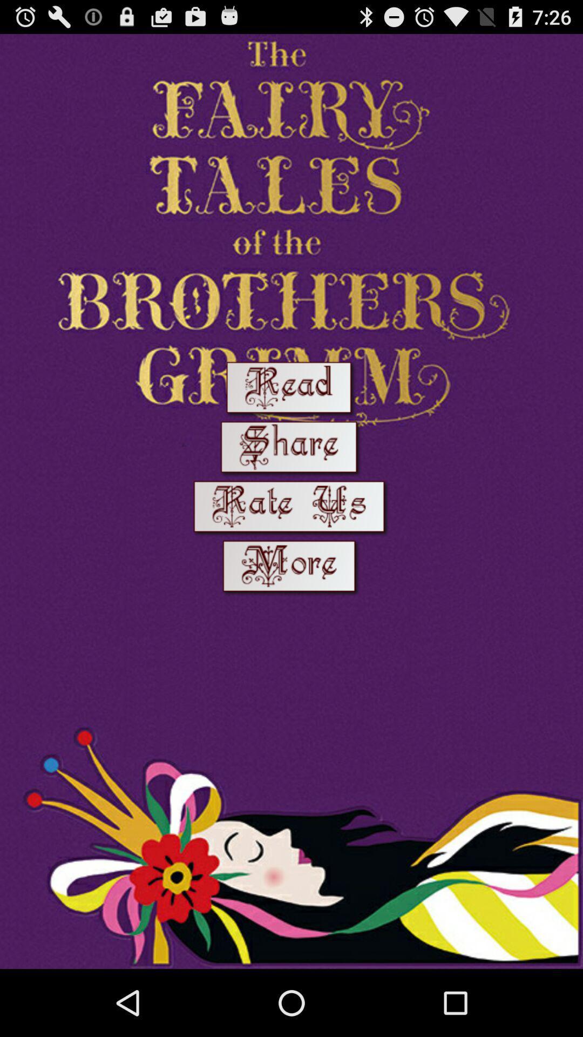 This screenshot has height=1037, width=583. Describe the element at coordinates (291, 568) in the screenshot. I see `read more` at that location.